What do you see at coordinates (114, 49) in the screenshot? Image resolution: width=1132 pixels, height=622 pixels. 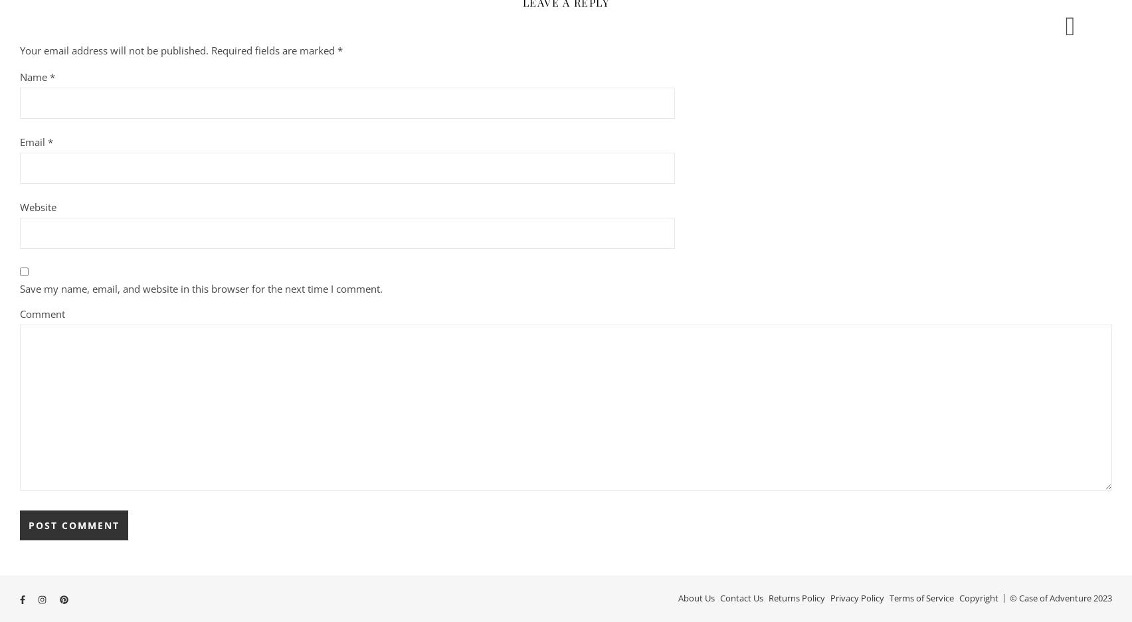 I see `'Your email address will not be published.'` at bounding box center [114, 49].